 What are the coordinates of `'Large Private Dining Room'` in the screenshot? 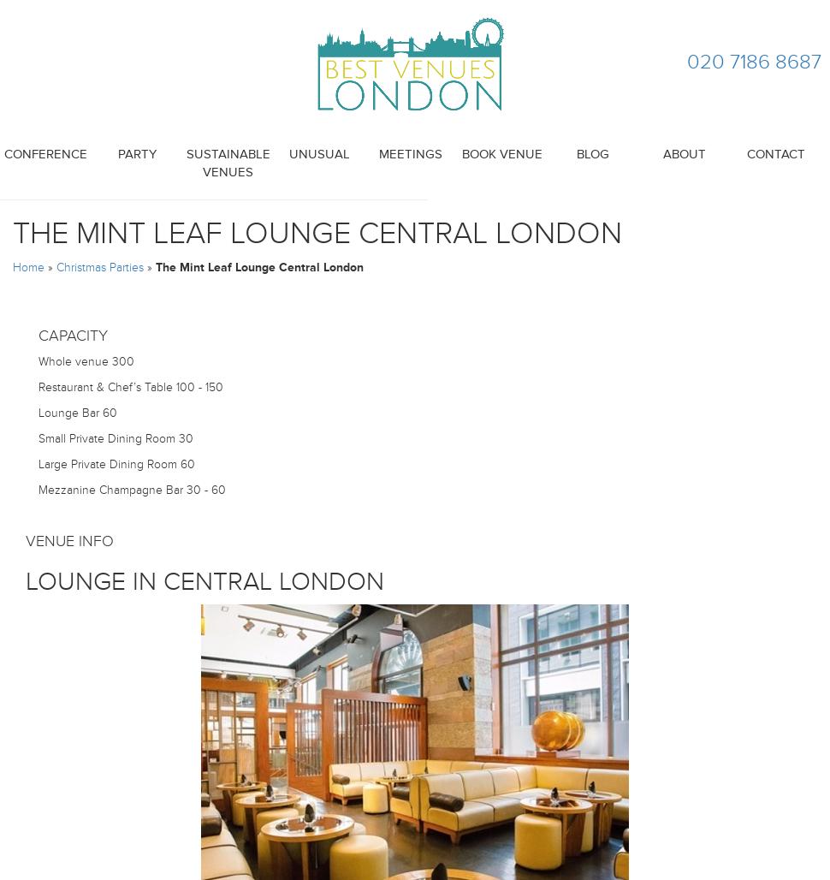 It's located at (110, 464).